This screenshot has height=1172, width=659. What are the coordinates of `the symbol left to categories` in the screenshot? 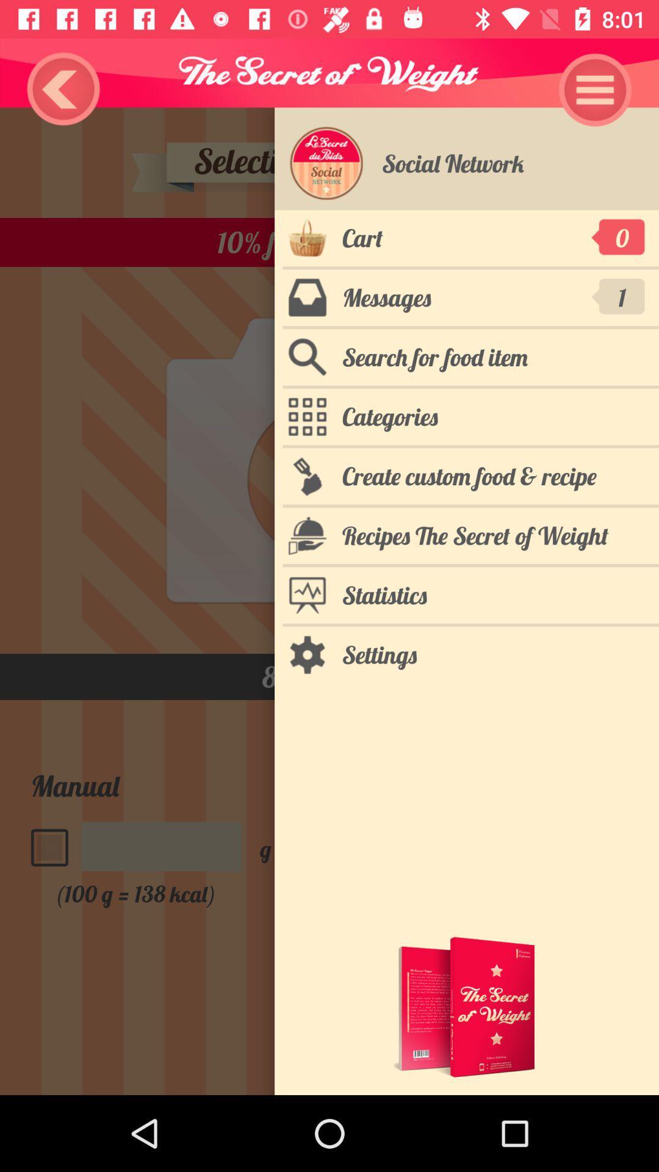 It's located at (307, 416).